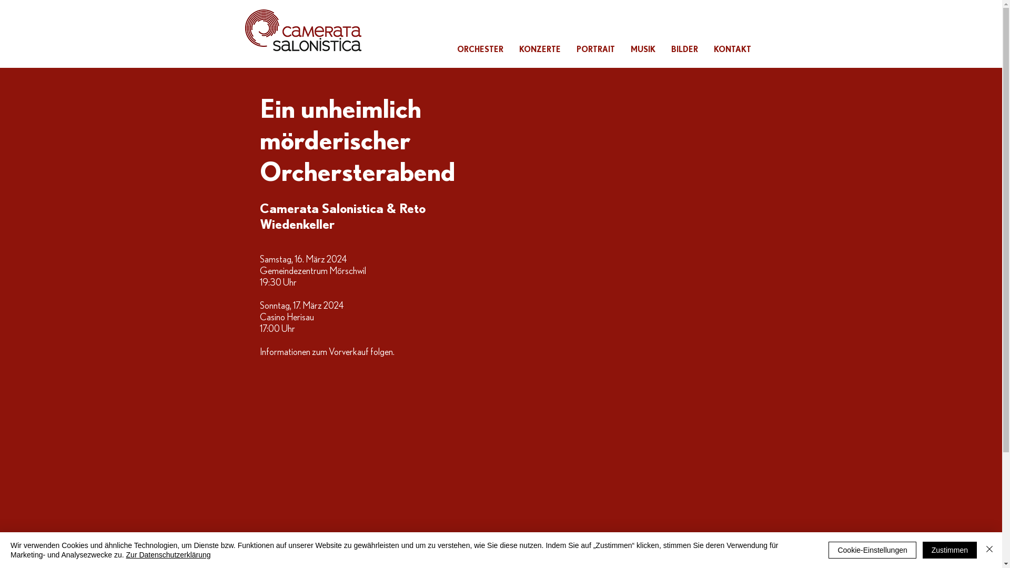 This screenshot has height=568, width=1010. What do you see at coordinates (950, 549) in the screenshot?
I see `'Zustimmen'` at bounding box center [950, 549].